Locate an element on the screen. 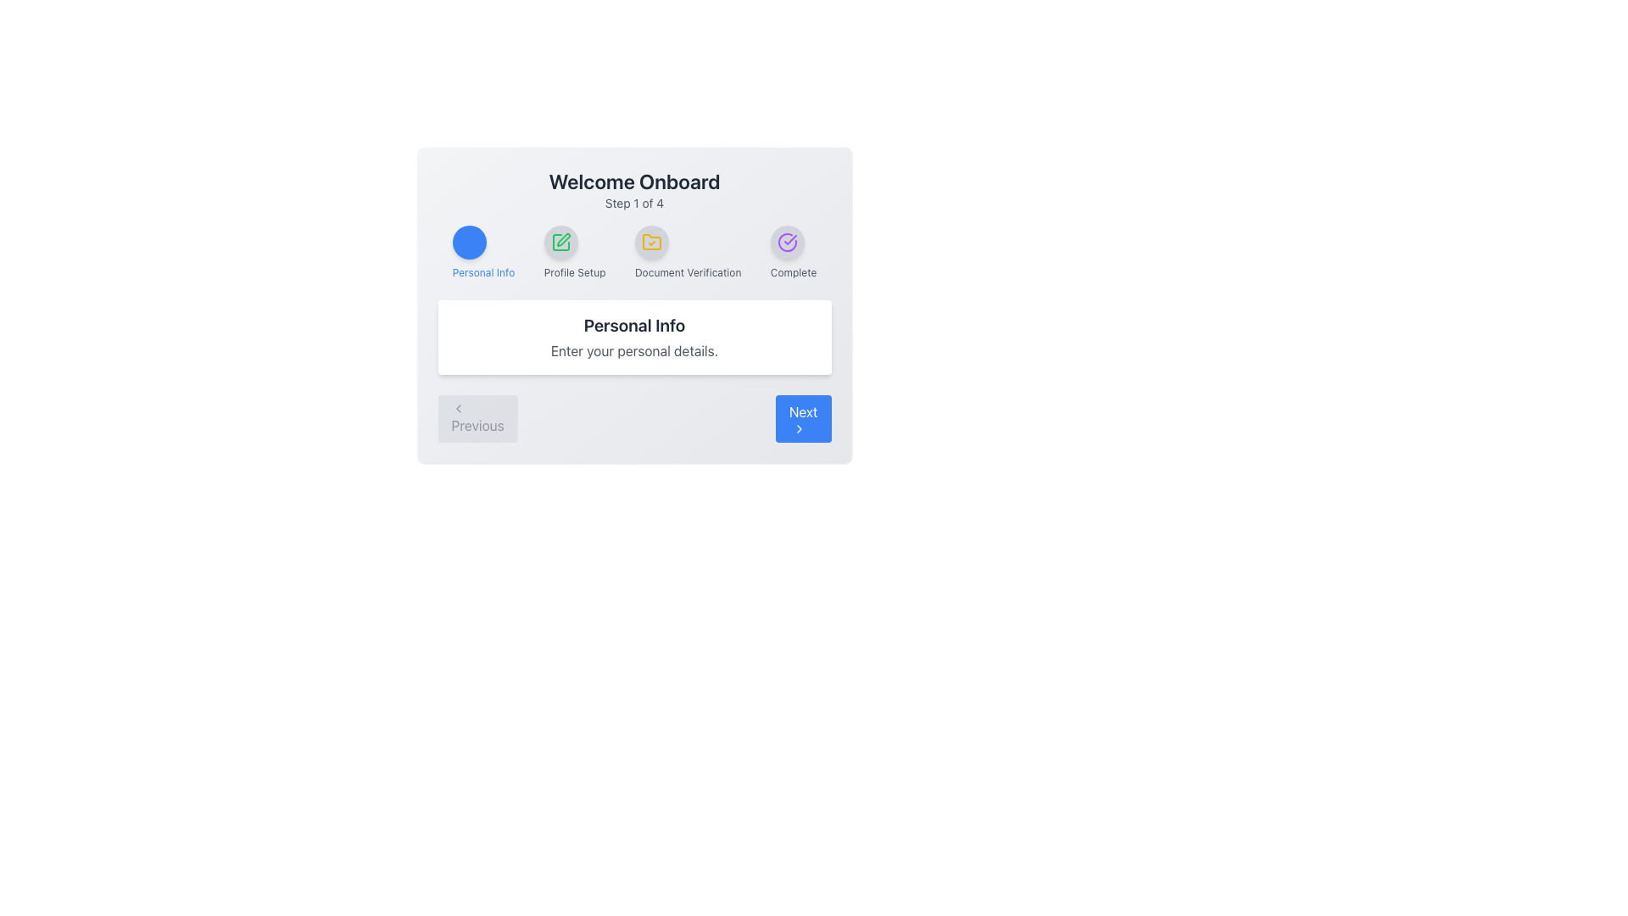 This screenshot has width=1628, height=916. the 'Personal Info' button in the navigation bar is located at coordinates (469, 242).